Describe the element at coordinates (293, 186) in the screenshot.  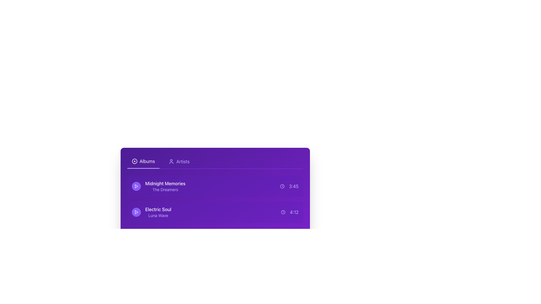
I see `the text indicating the duration or length of a music track in the playlist, which is positioned to the right of a clock icon and aligned with the first track's metadata` at that location.